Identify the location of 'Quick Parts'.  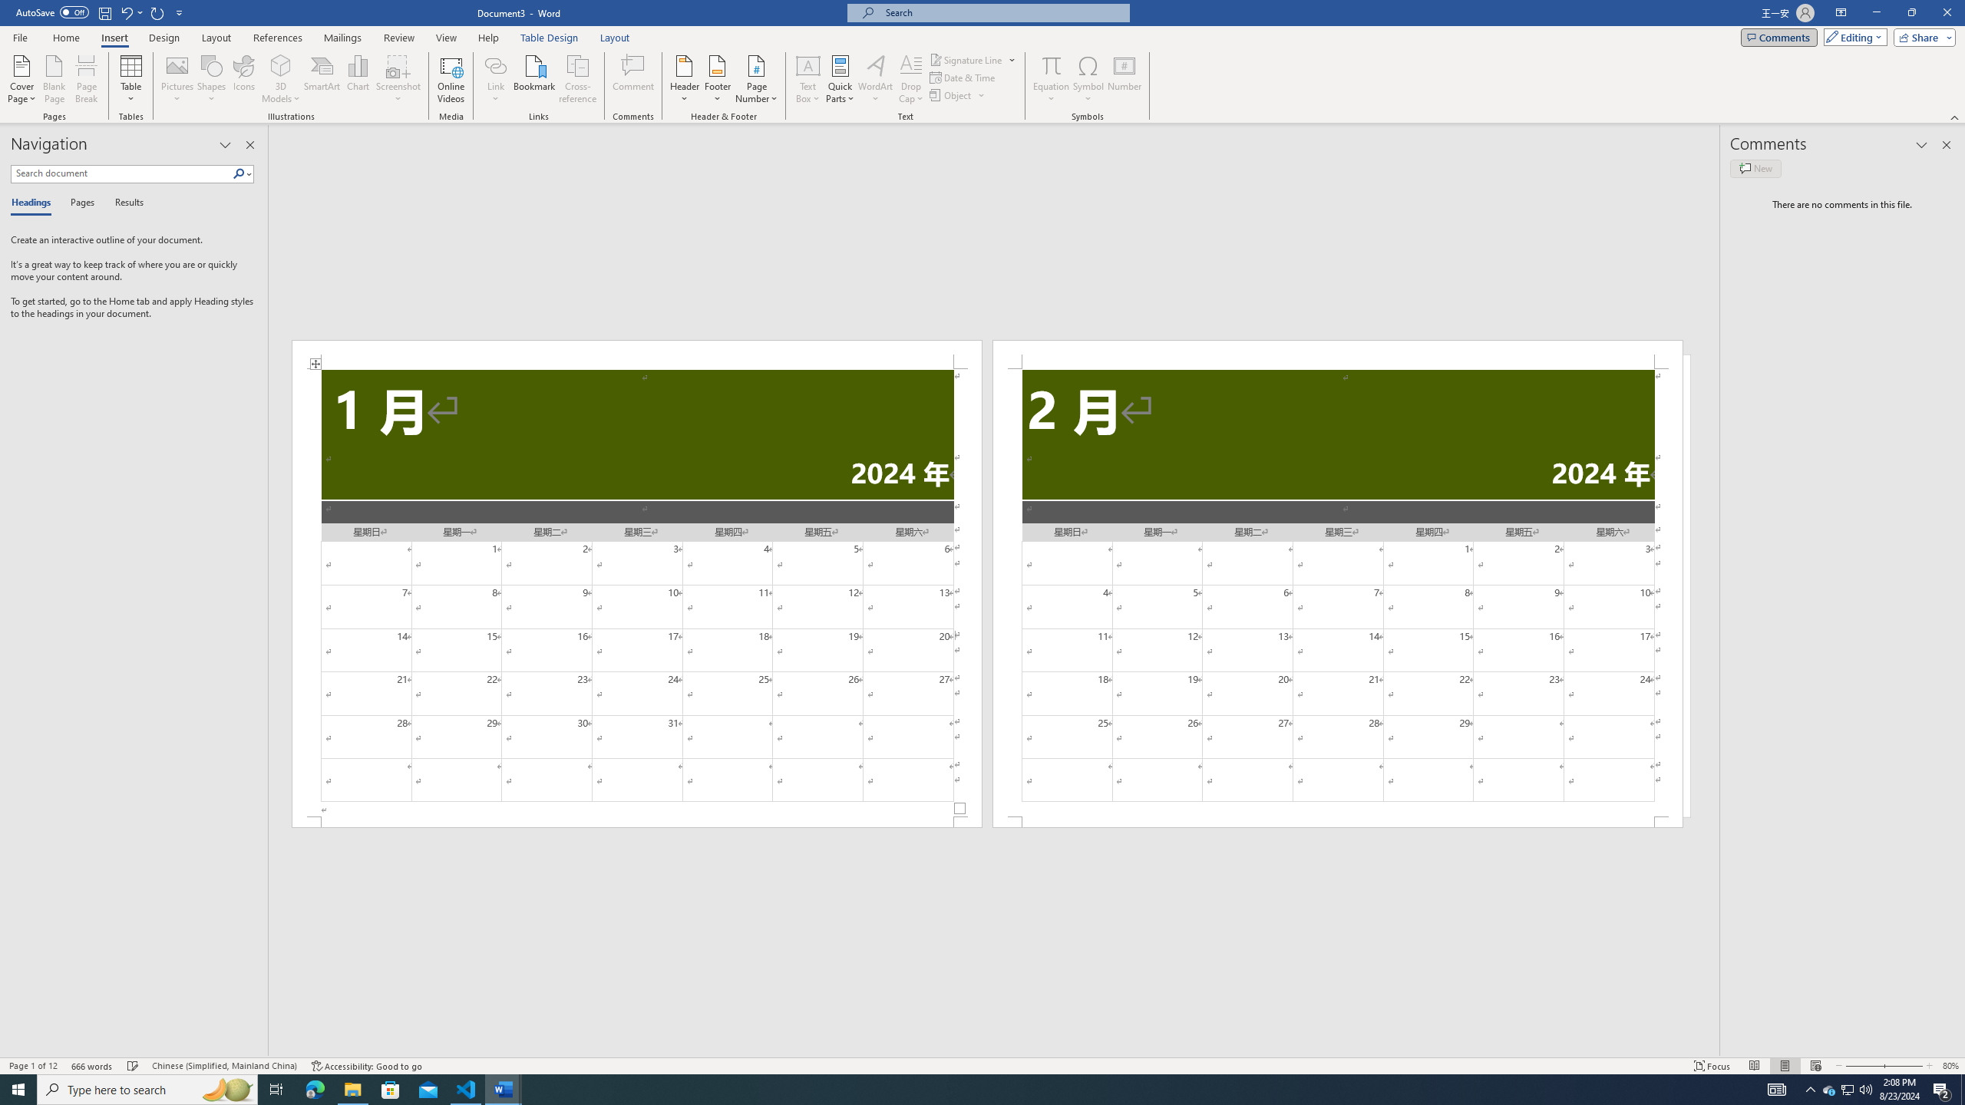
(840, 79).